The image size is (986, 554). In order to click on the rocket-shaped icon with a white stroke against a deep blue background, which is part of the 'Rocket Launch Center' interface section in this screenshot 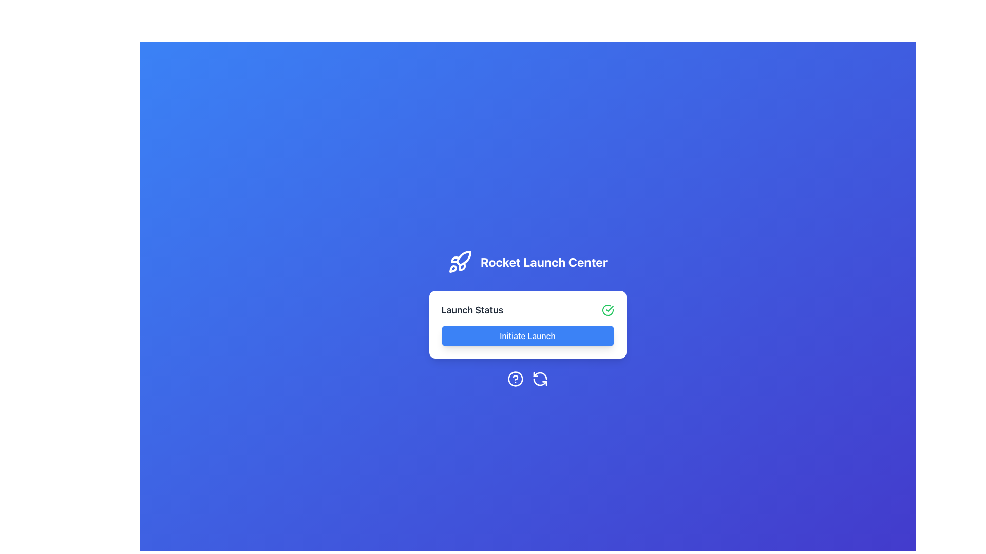, I will do `click(460, 261)`.